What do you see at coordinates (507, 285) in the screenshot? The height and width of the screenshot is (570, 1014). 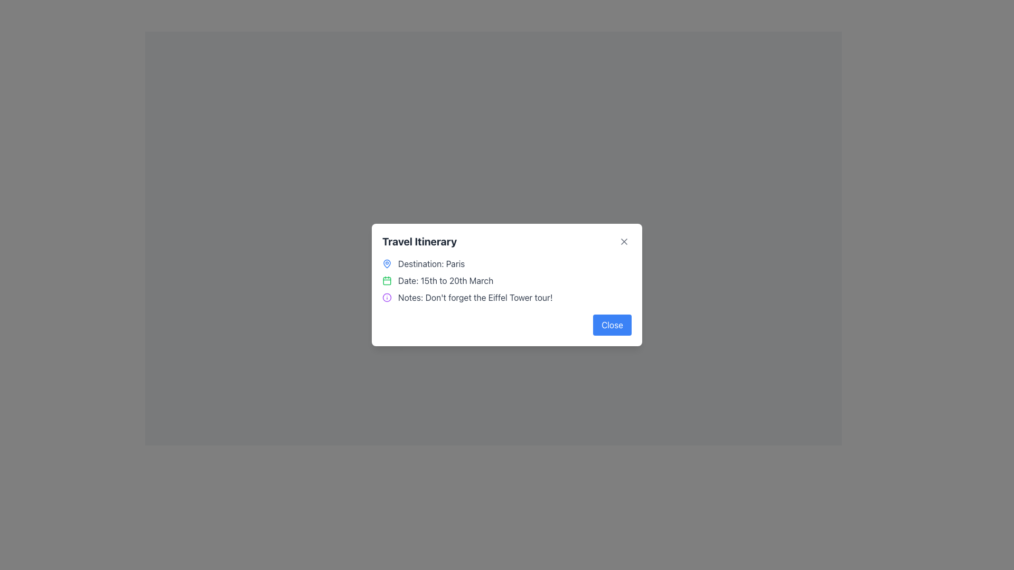 I see `the Informational Dialog Box titled 'Travel Itinerary' which contains details about the destination, date, and notes` at bounding box center [507, 285].